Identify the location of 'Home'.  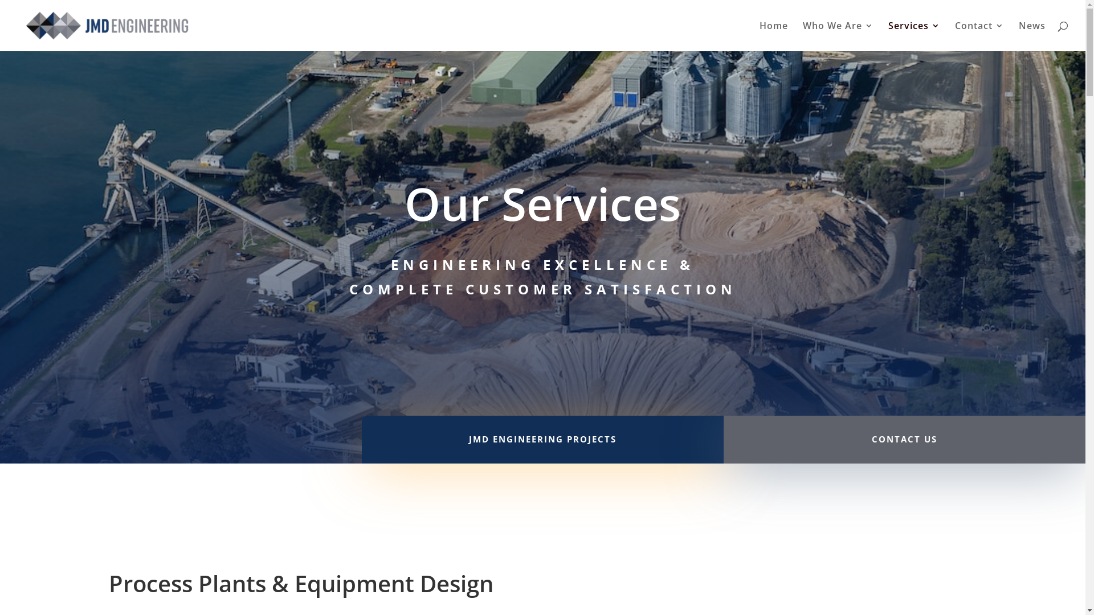
(774, 36).